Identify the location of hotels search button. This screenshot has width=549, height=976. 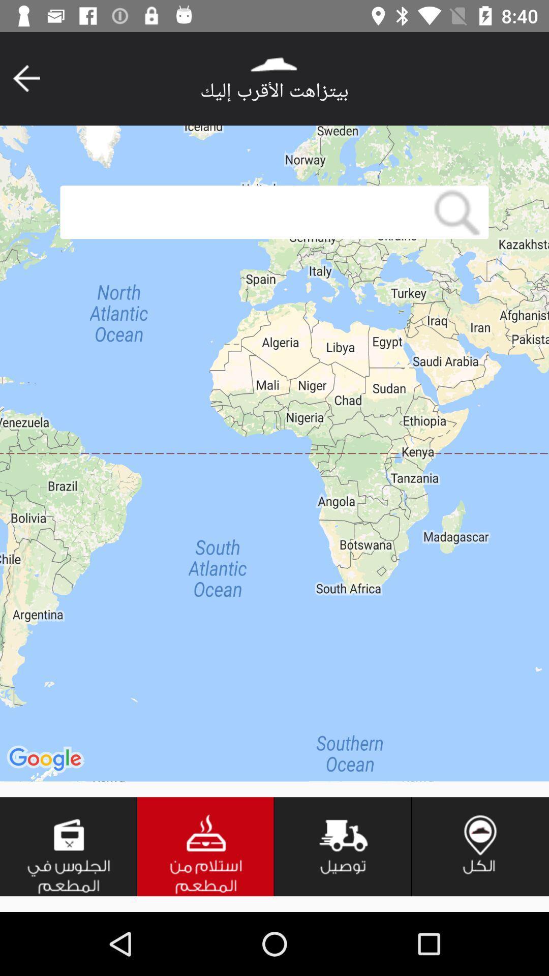
(206, 846).